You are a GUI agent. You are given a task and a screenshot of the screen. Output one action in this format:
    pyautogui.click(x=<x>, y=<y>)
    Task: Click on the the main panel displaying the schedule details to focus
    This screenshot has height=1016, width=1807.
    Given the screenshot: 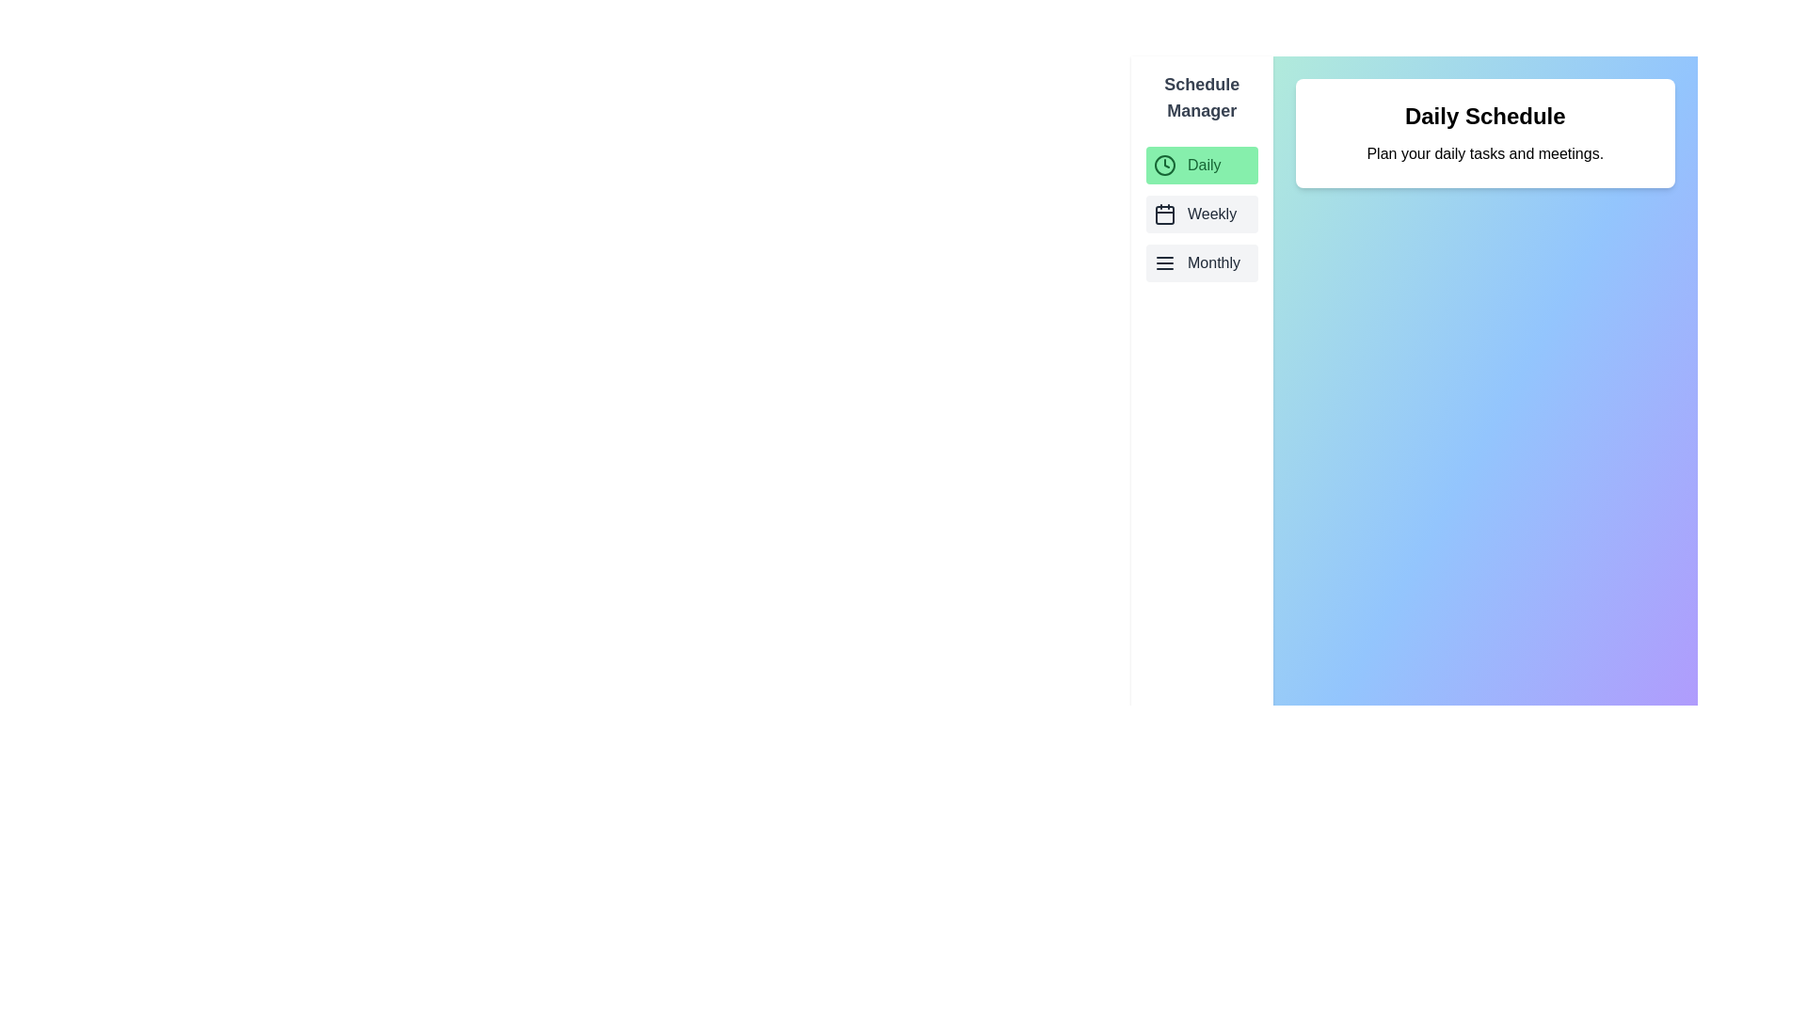 What is the action you would take?
    pyautogui.click(x=1484, y=564)
    